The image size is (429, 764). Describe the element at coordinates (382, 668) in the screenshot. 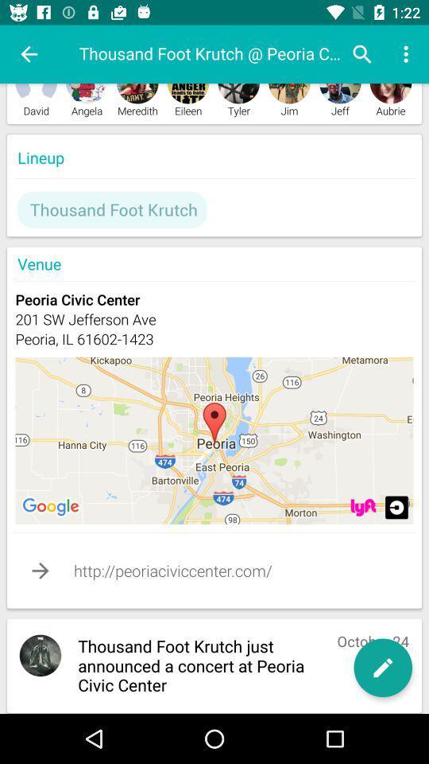

I see `edit option` at that location.